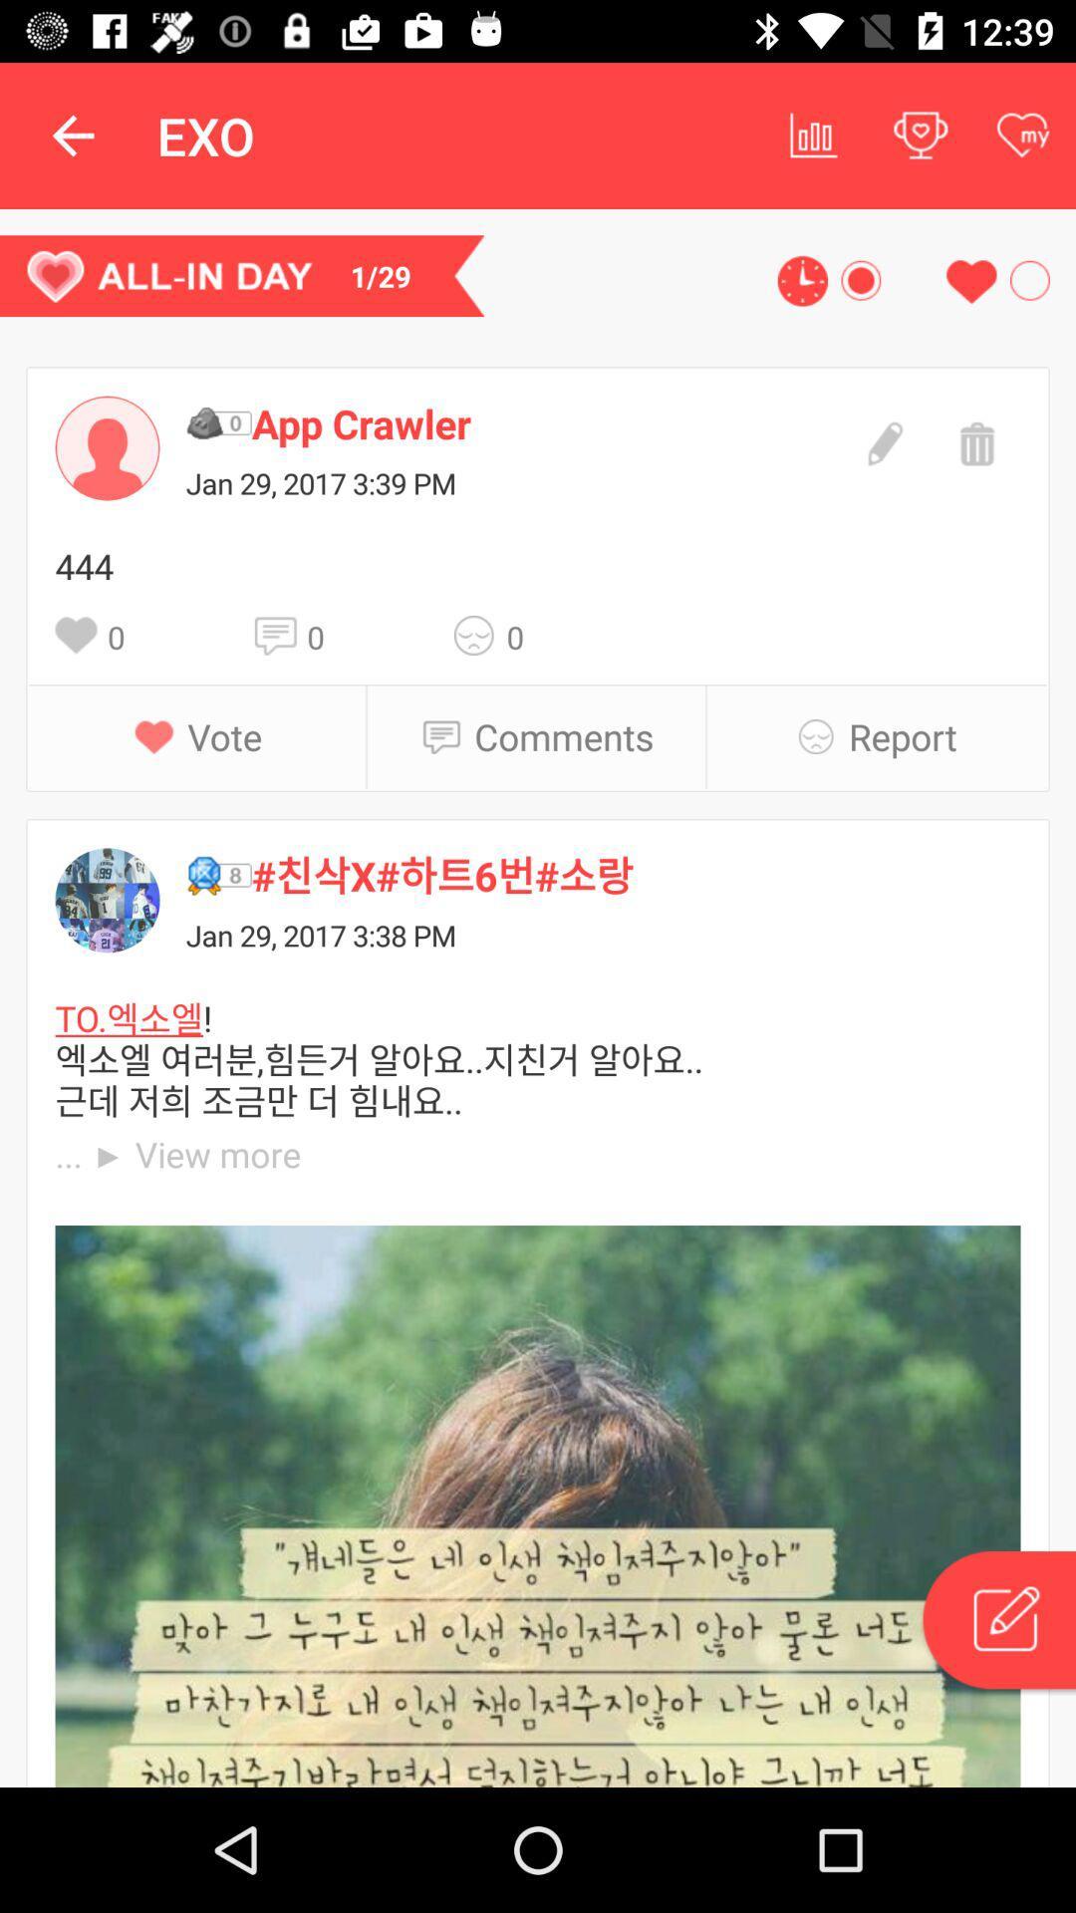 This screenshot has width=1076, height=1913. What do you see at coordinates (280, 634) in the screenshot?
I see `the icon next to 0 item` at bounding box center [280, 634].